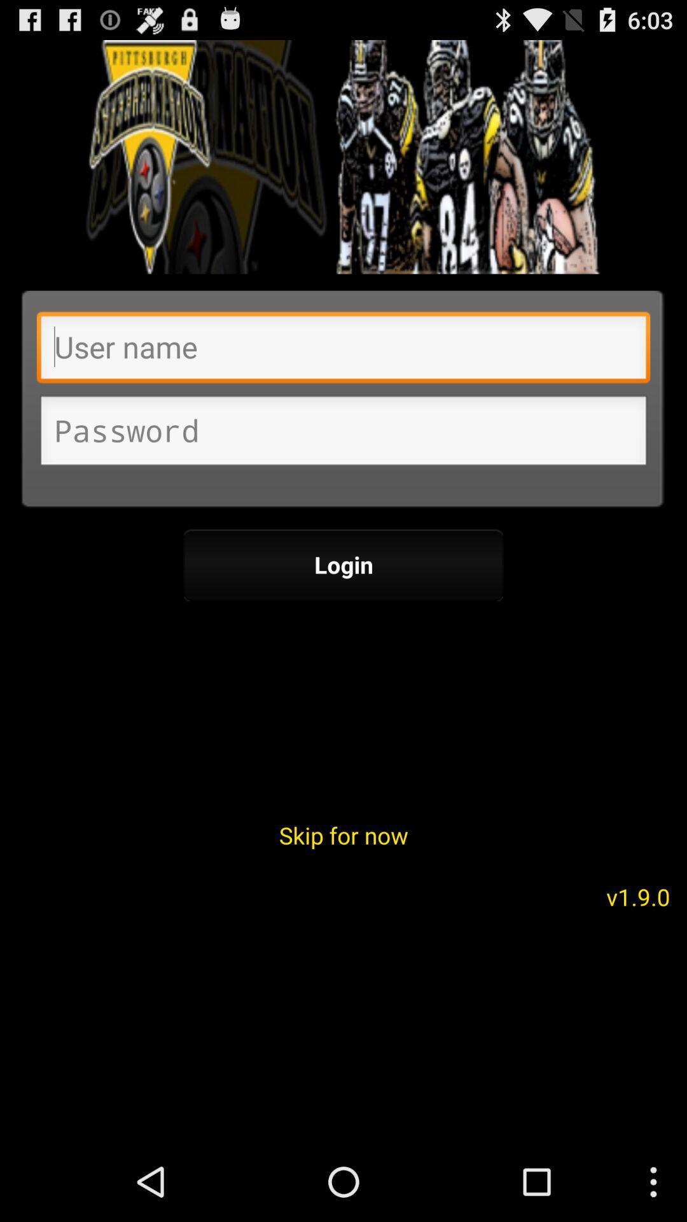  Describe the element at coordinates (343, 564) in the screenshot. I see `the icon above skip for now icon` at that location.